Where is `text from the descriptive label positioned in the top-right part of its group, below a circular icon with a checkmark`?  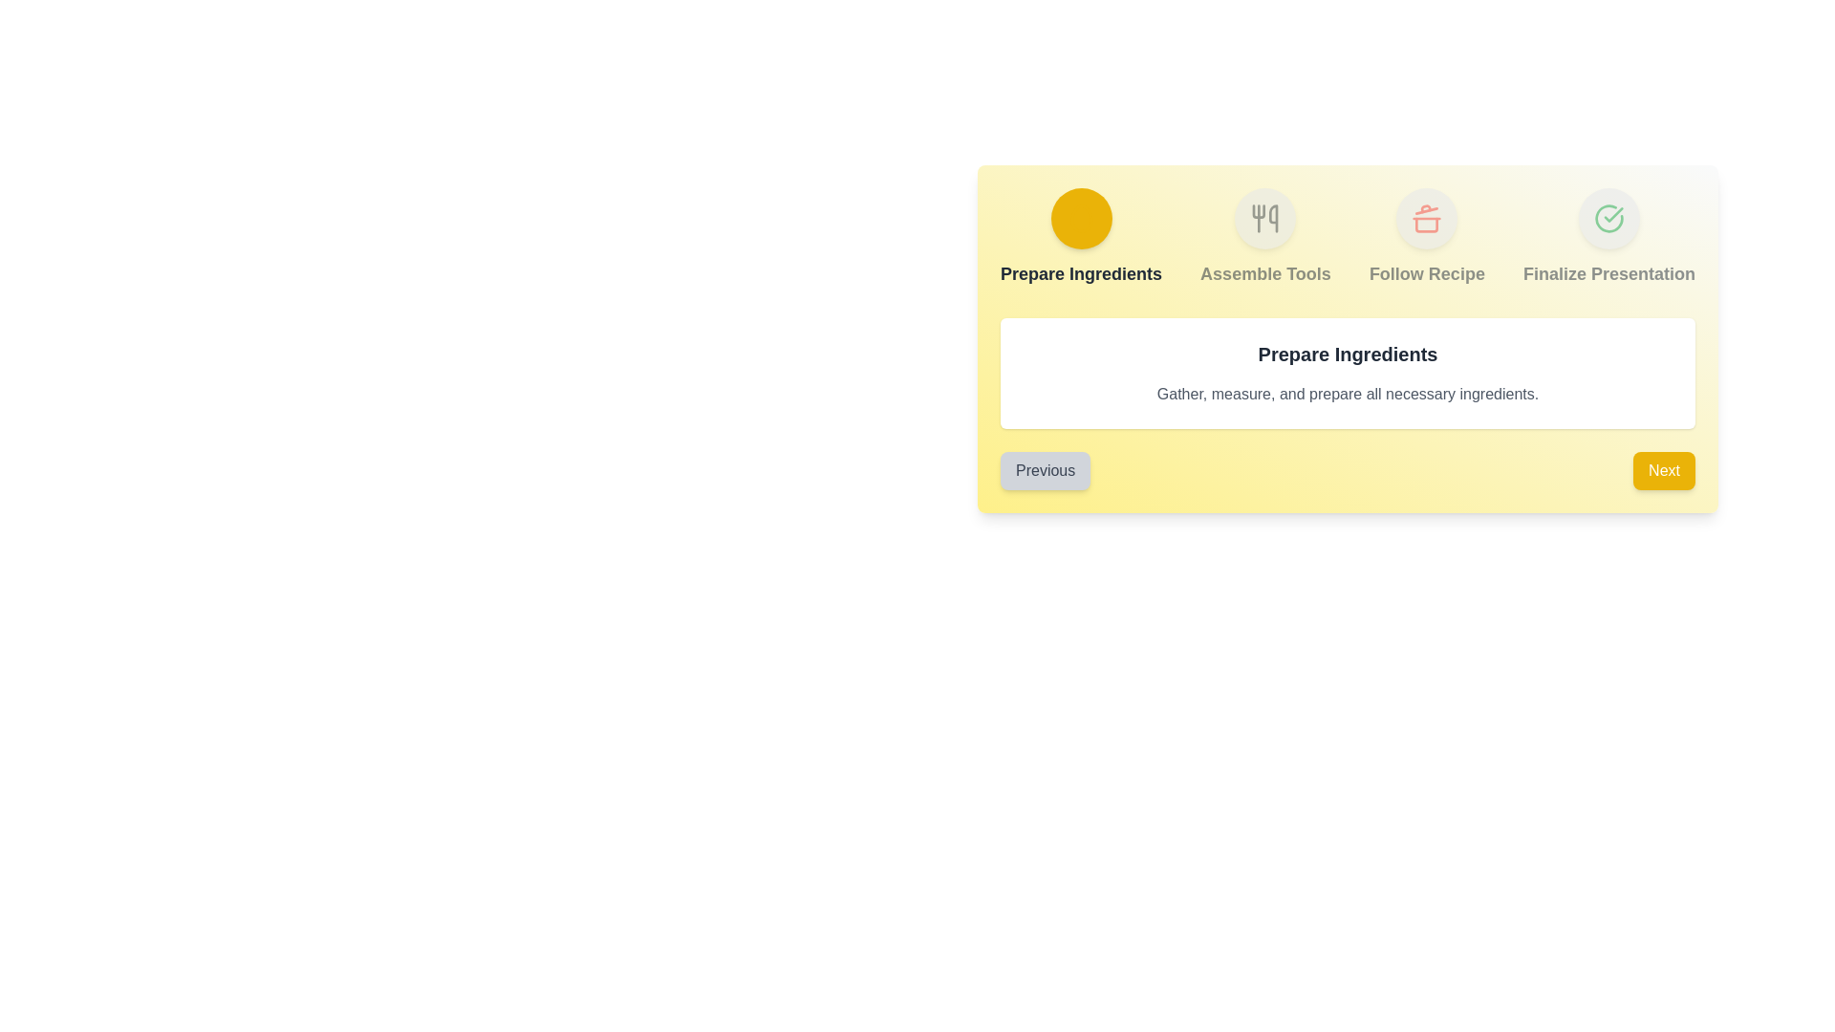
text from the descriptive label positioned in the top-right part of its group, below a circular icon with a checkmark is located at coordinates (1608, 273).